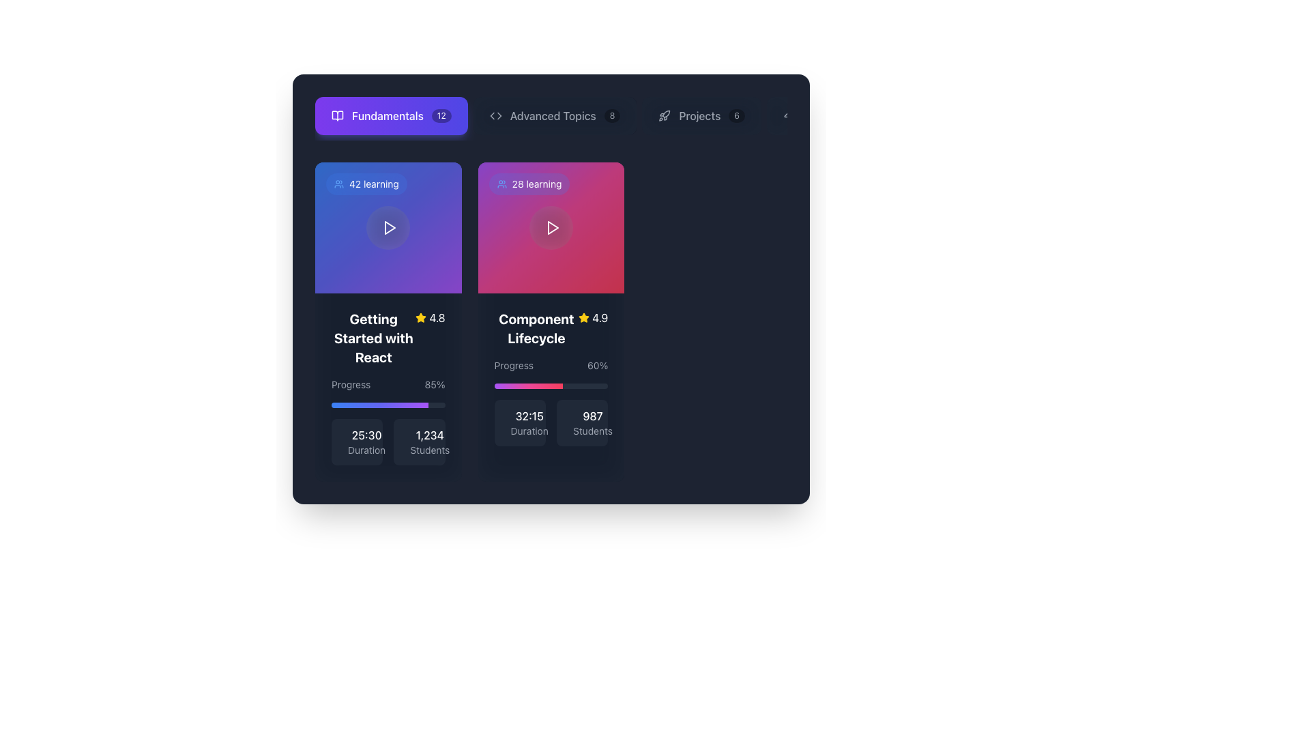  What do you see at coordinates (366, 450) in the screenshot?
I see `the text label displaying 'Duration' located directly below '25:30' in the second column of the card component` at bounding box center [366, 450].